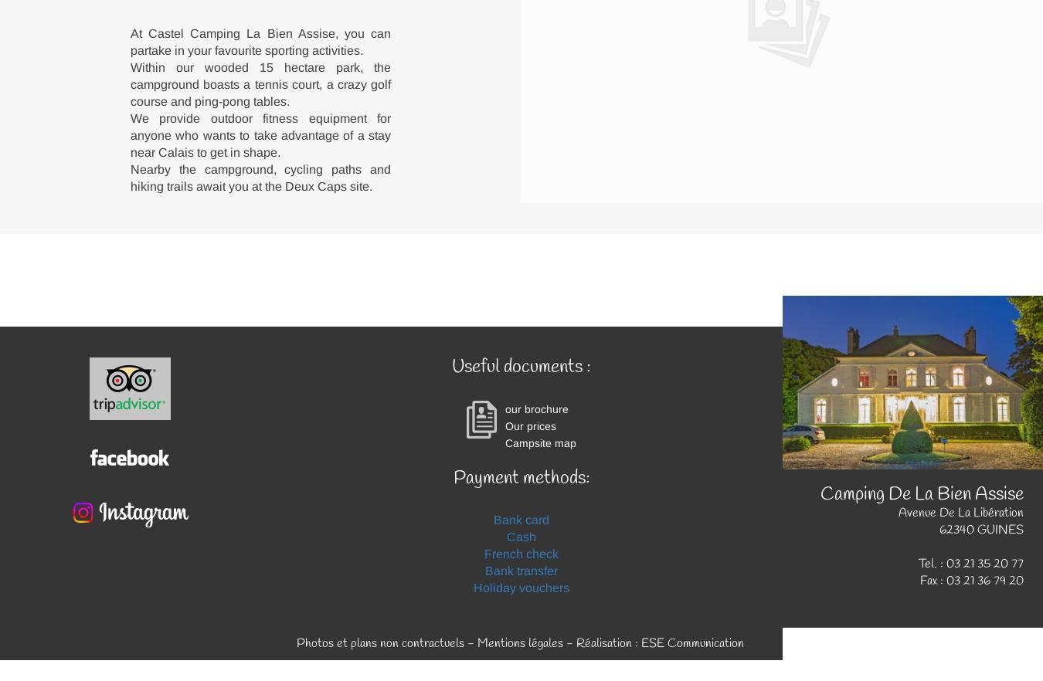  I want to click on 'Fax : 03 21 36 79 20', so click(972, 580).